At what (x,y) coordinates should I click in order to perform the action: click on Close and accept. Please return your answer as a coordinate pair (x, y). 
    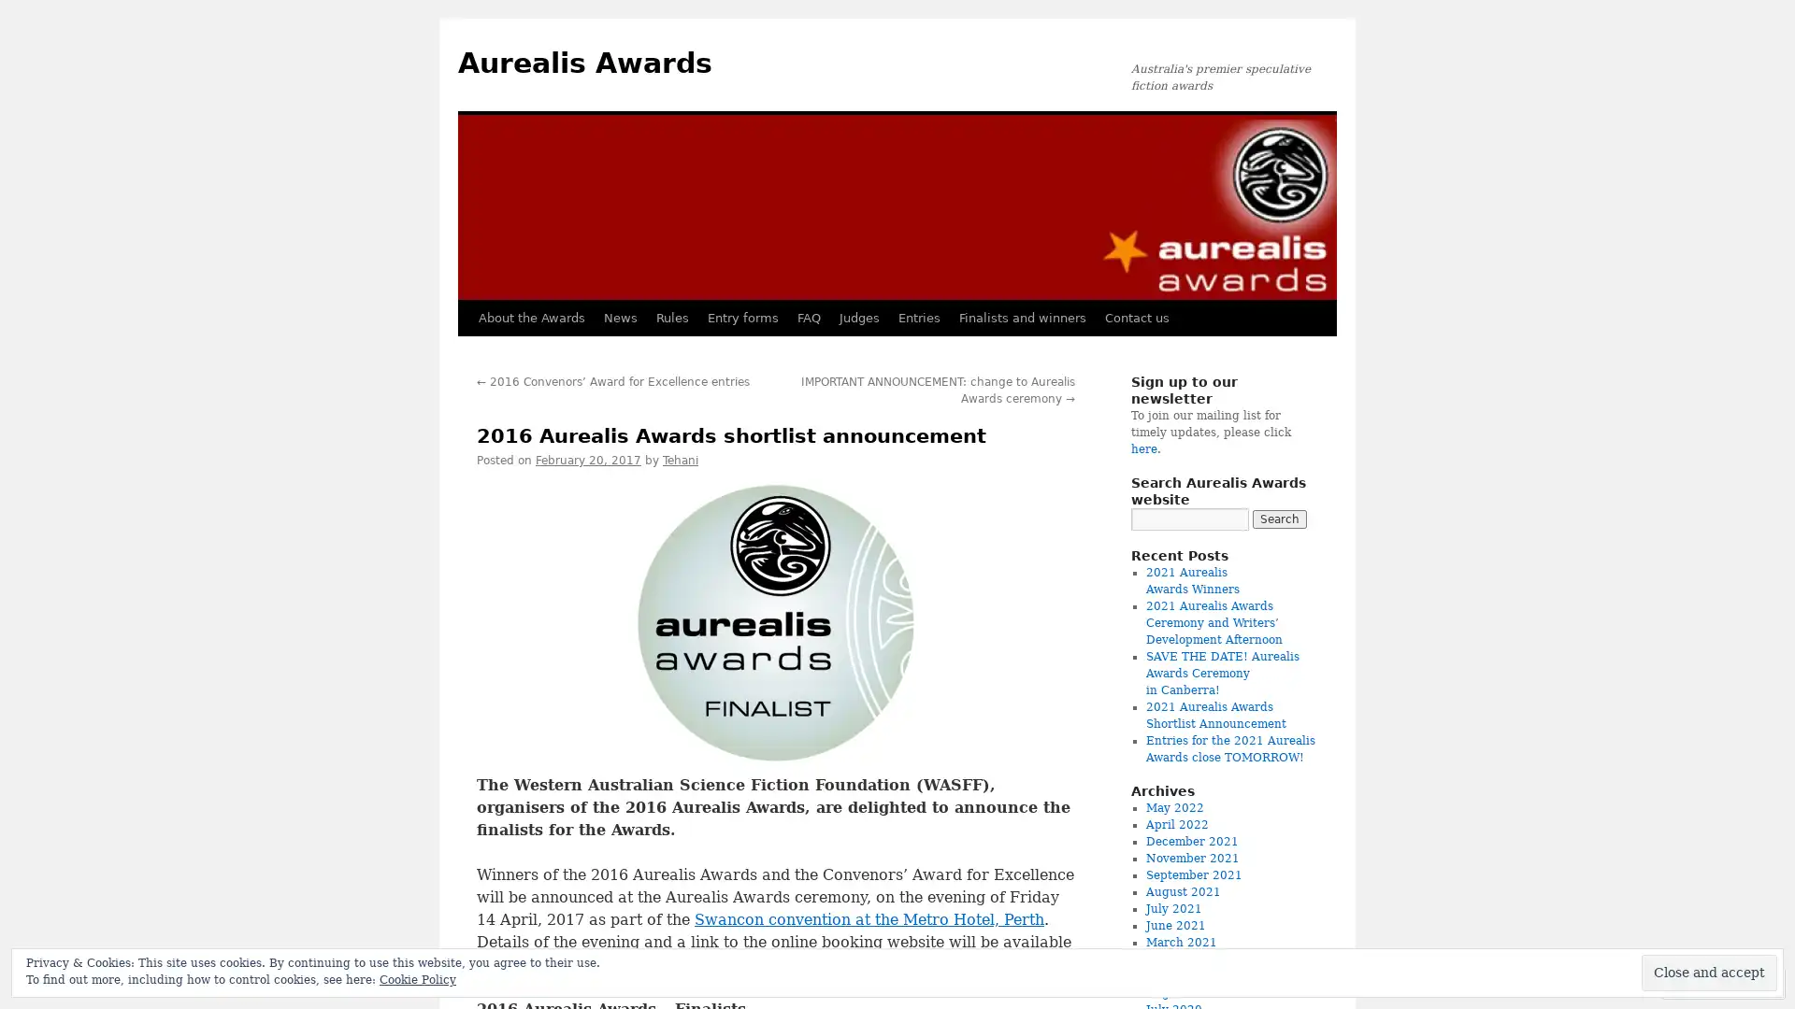
    Looking at the image, I should click on (1709, 972).